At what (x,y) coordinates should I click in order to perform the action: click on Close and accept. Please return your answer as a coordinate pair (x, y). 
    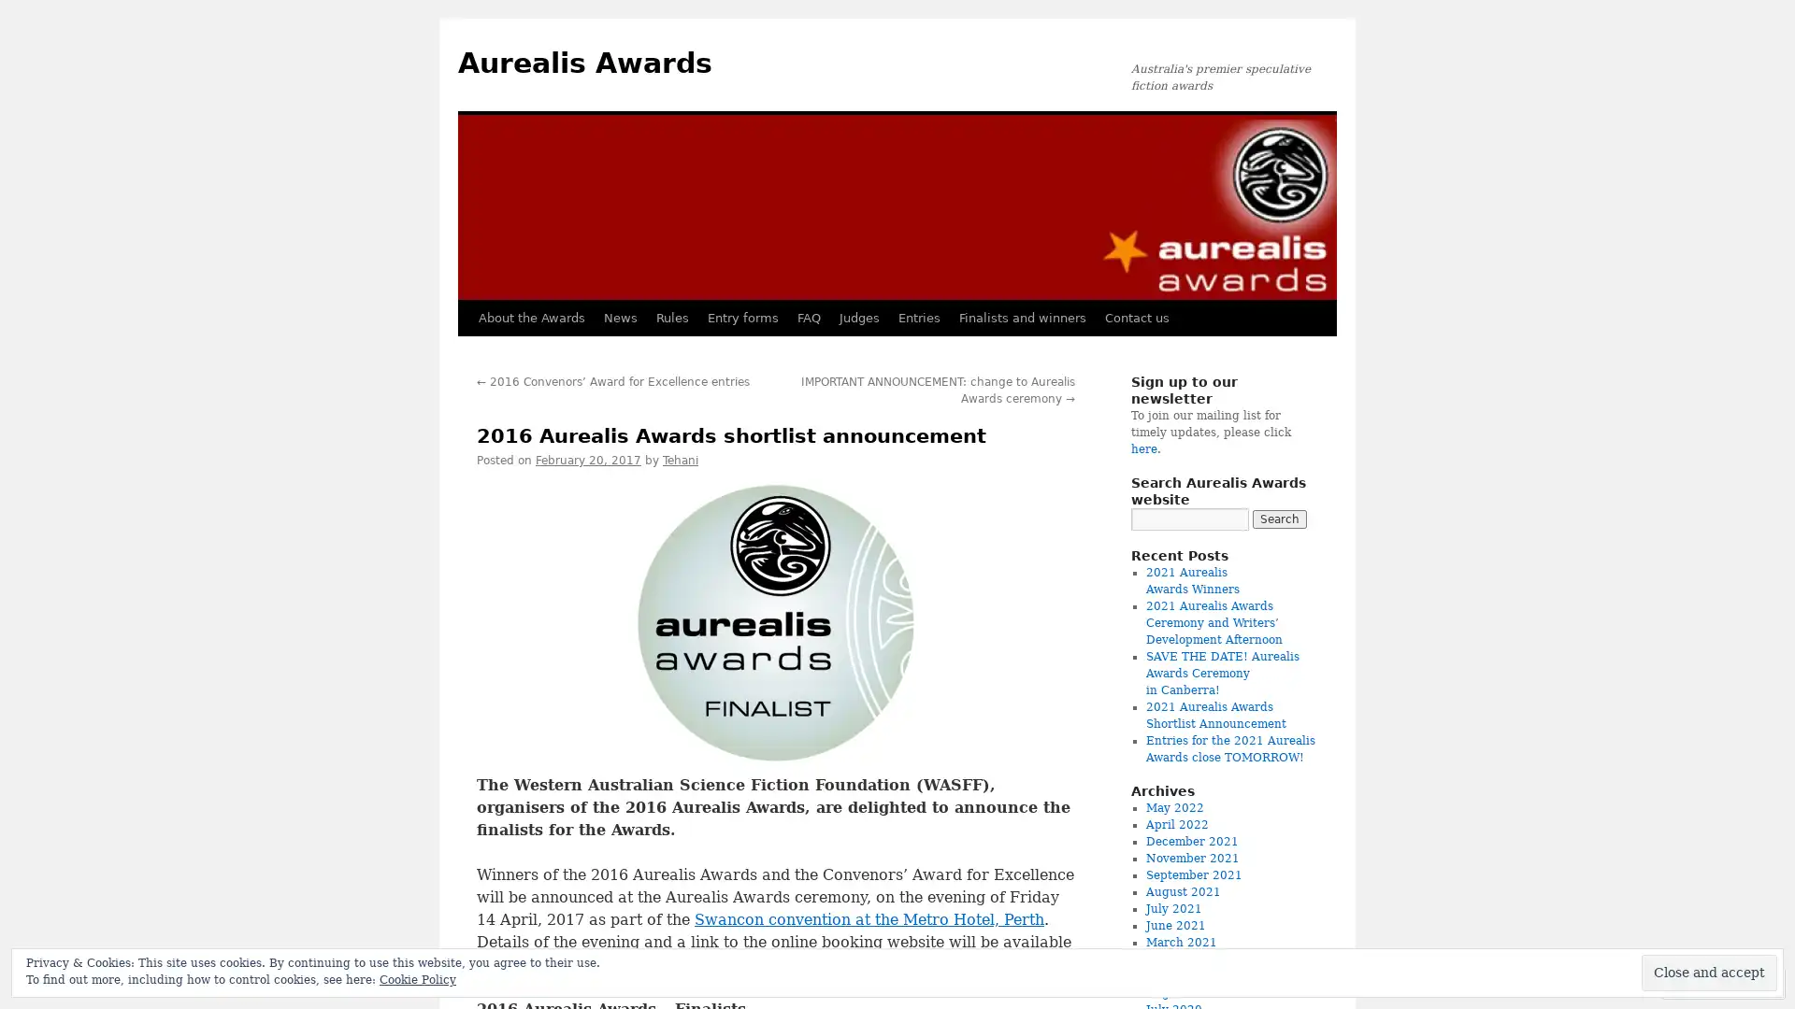
    Looking at the image, I should click on (1709, 972).